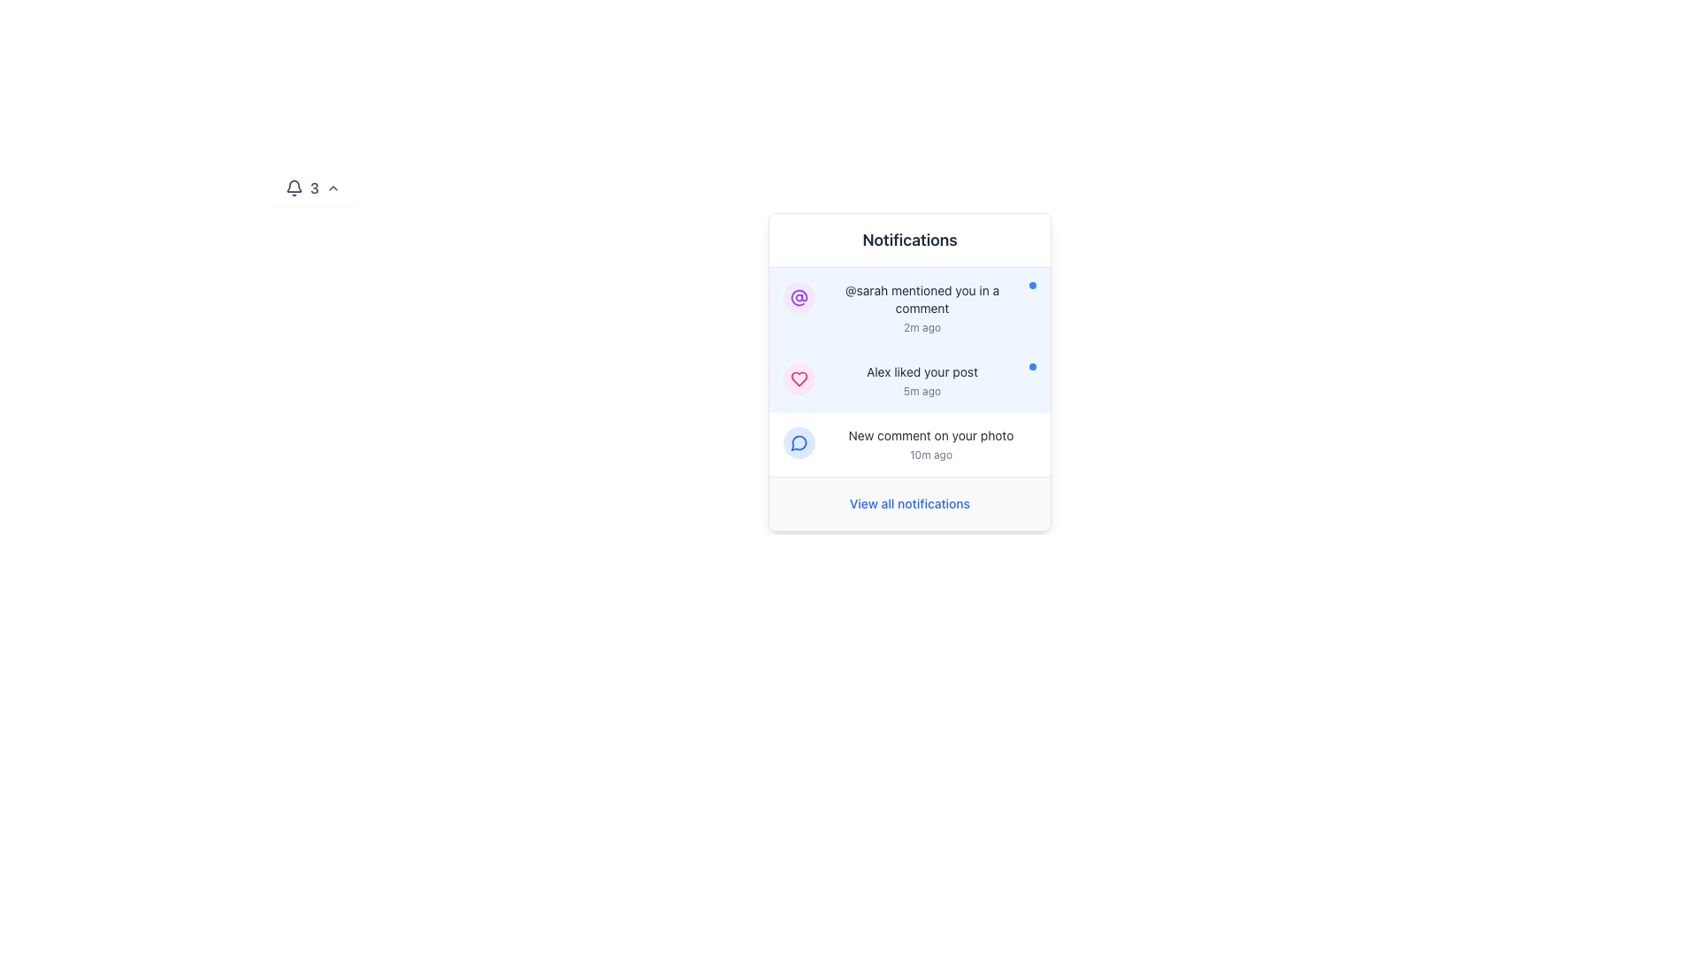 Image resolution: width=1698 pixels, height=955 pixels. Describe the element at coordinates (909, 380) in the screenshot. I see `the second notification item in the notifications panel, which features a pale blue background, a pink heart icon on the left, and text indicating 'Alex liked your post'` at that location.